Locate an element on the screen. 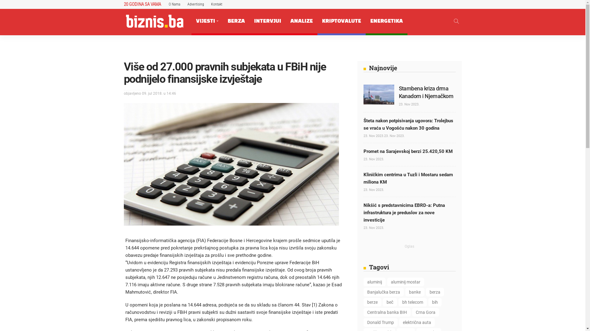 This screenshot has width=590, height=331. 'berza' is located at coordinates (426, 291).